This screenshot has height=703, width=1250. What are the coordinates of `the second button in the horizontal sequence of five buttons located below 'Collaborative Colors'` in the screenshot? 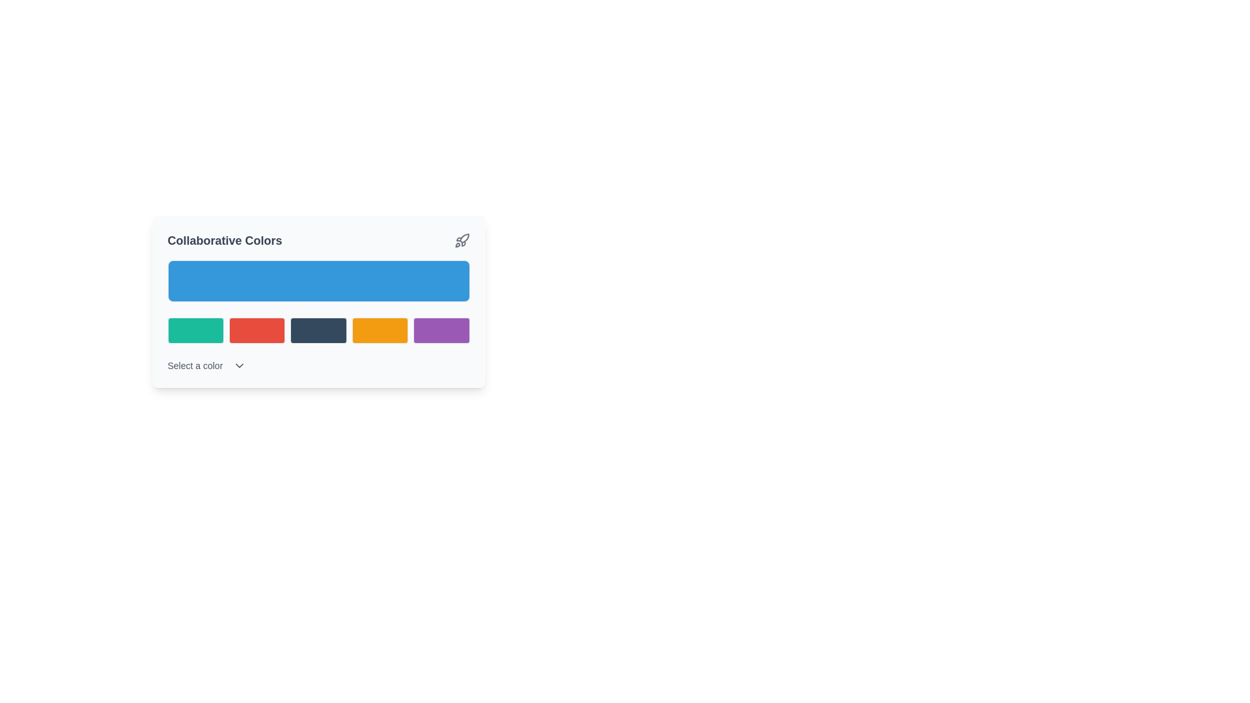 It's located at (257, 330).